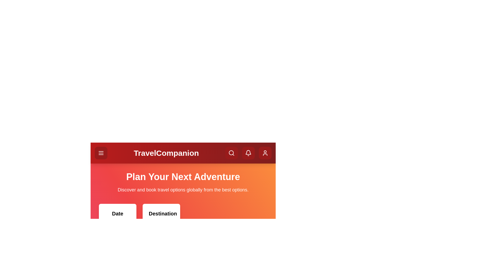 This screenshot has height=279, width=497. Describe the element at coordinates (101, 153) in the screenshot. I see `the menu button to toggle the menu` at that location.